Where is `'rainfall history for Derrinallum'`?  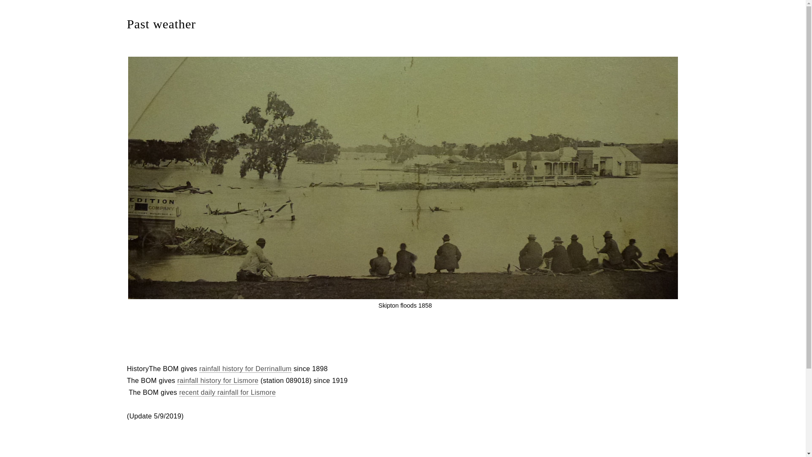 'rainfall history for Derrinallum' is located at coordinates (198, 368).